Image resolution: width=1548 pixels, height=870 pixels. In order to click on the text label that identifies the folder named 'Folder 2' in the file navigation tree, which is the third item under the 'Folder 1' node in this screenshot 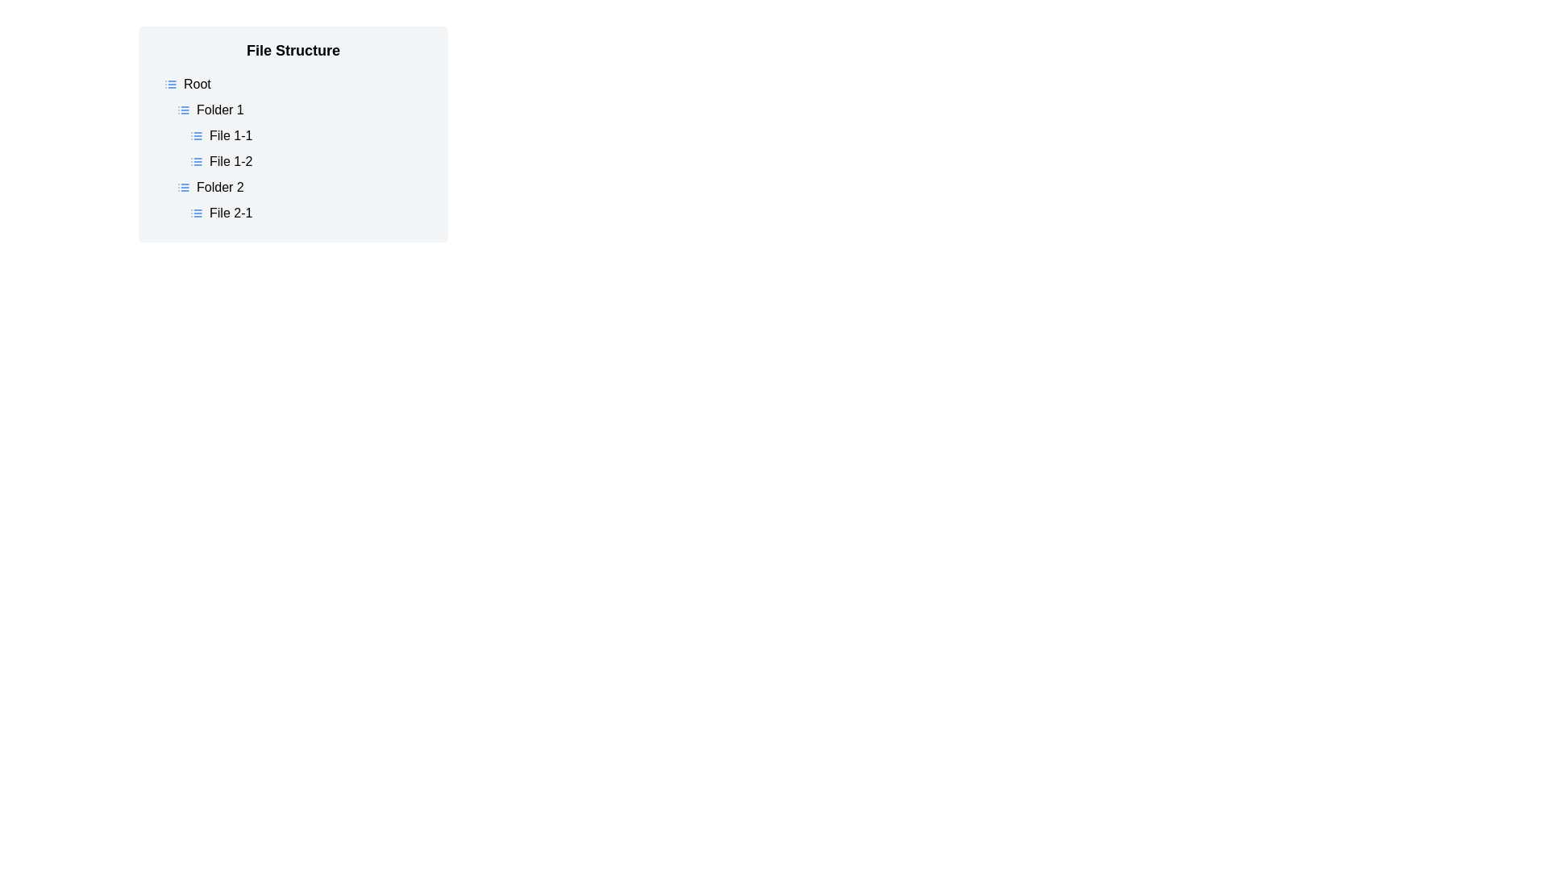, I will do `click(219, 186)`.